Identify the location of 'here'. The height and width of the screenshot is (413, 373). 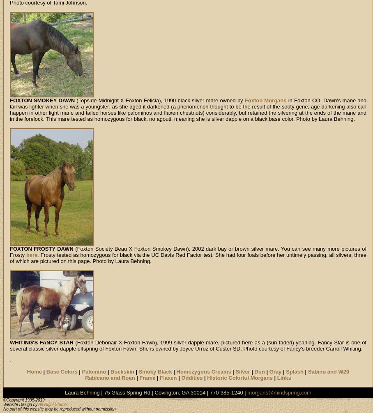
(31, 254).